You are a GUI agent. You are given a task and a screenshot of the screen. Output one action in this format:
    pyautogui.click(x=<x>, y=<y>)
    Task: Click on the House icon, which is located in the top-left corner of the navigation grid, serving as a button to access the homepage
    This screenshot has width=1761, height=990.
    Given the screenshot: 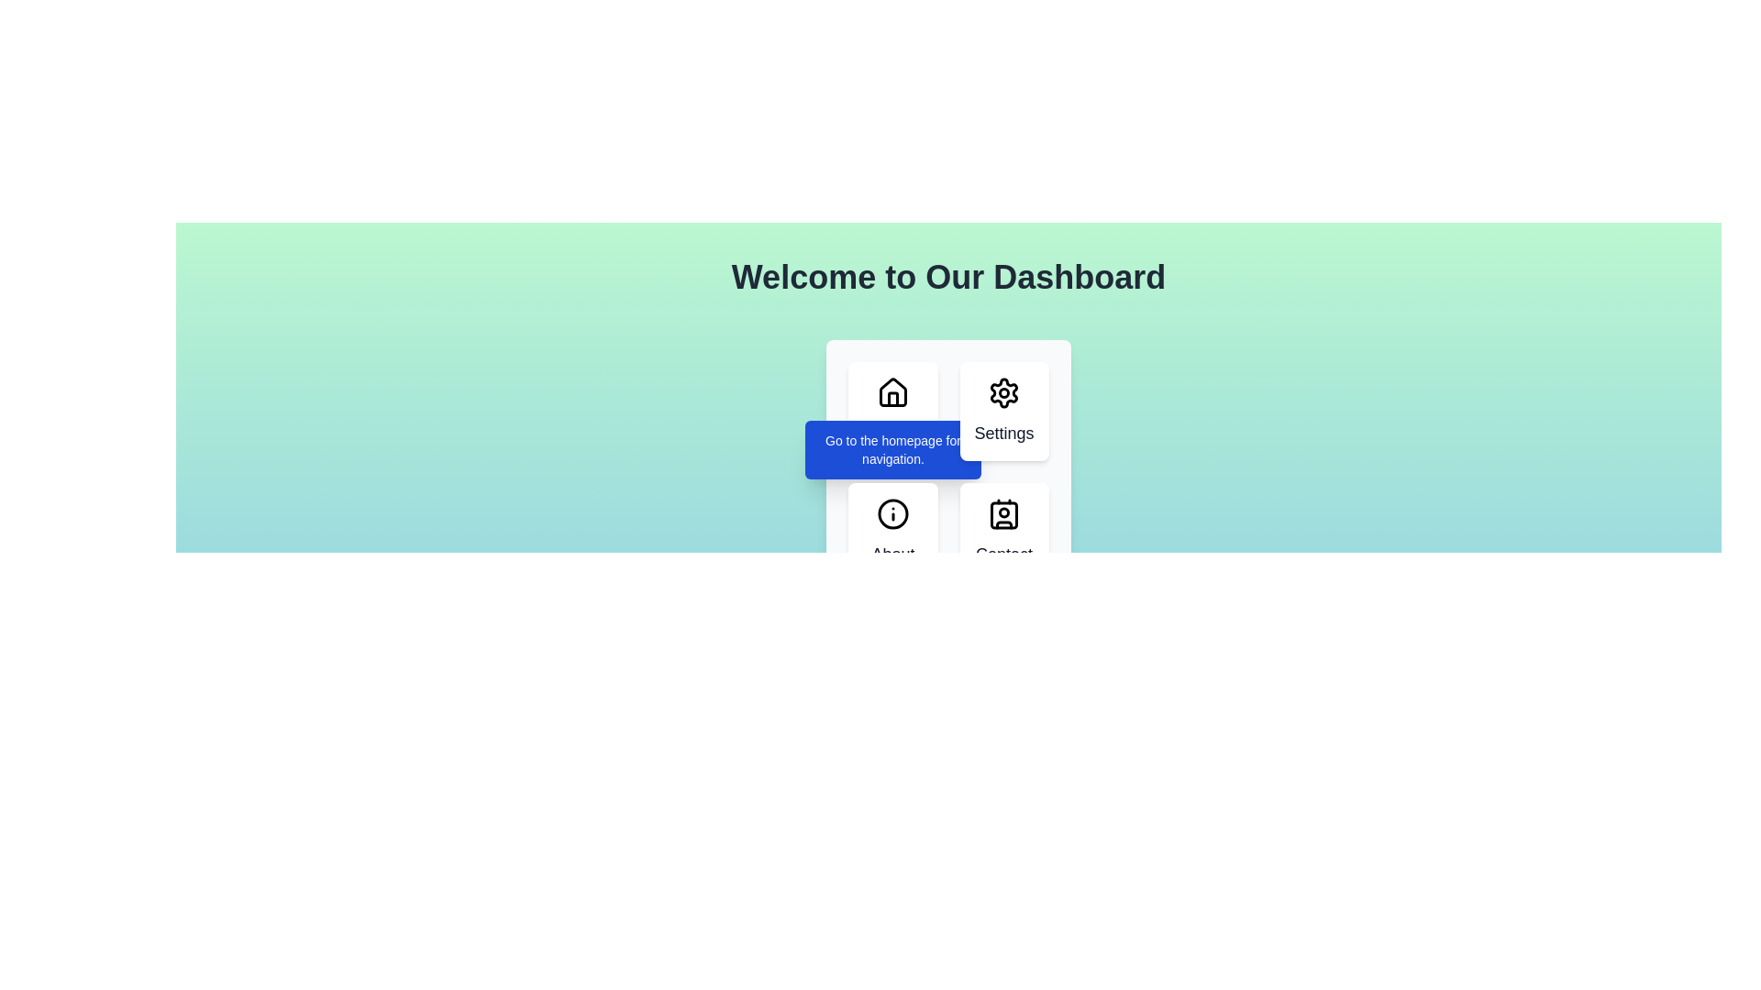 What is the action you would take?
    pyautogui.click(x=893, y=391)
    